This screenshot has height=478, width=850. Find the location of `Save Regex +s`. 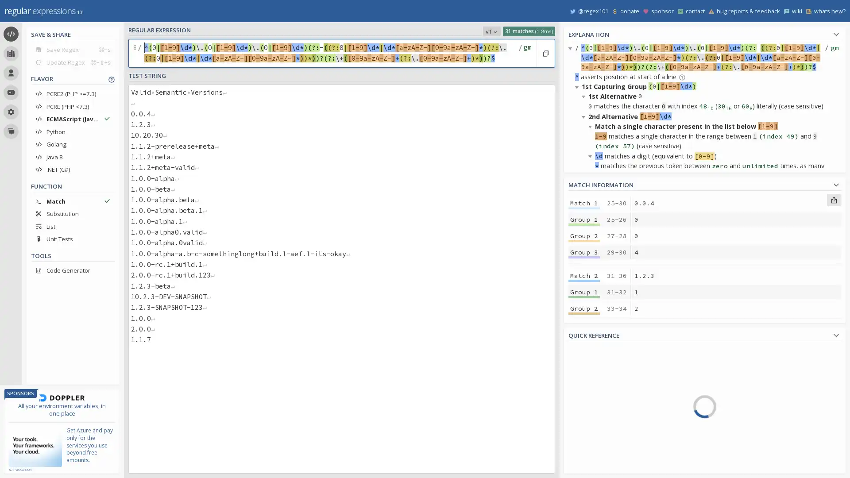

Save Regex +s is located at coordinates (73, 49).